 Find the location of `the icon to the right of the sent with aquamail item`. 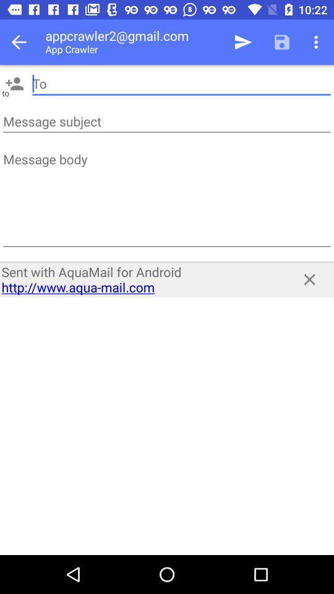

the icon to the right of the sent with aquamail item is located at coordinates (309, 279).